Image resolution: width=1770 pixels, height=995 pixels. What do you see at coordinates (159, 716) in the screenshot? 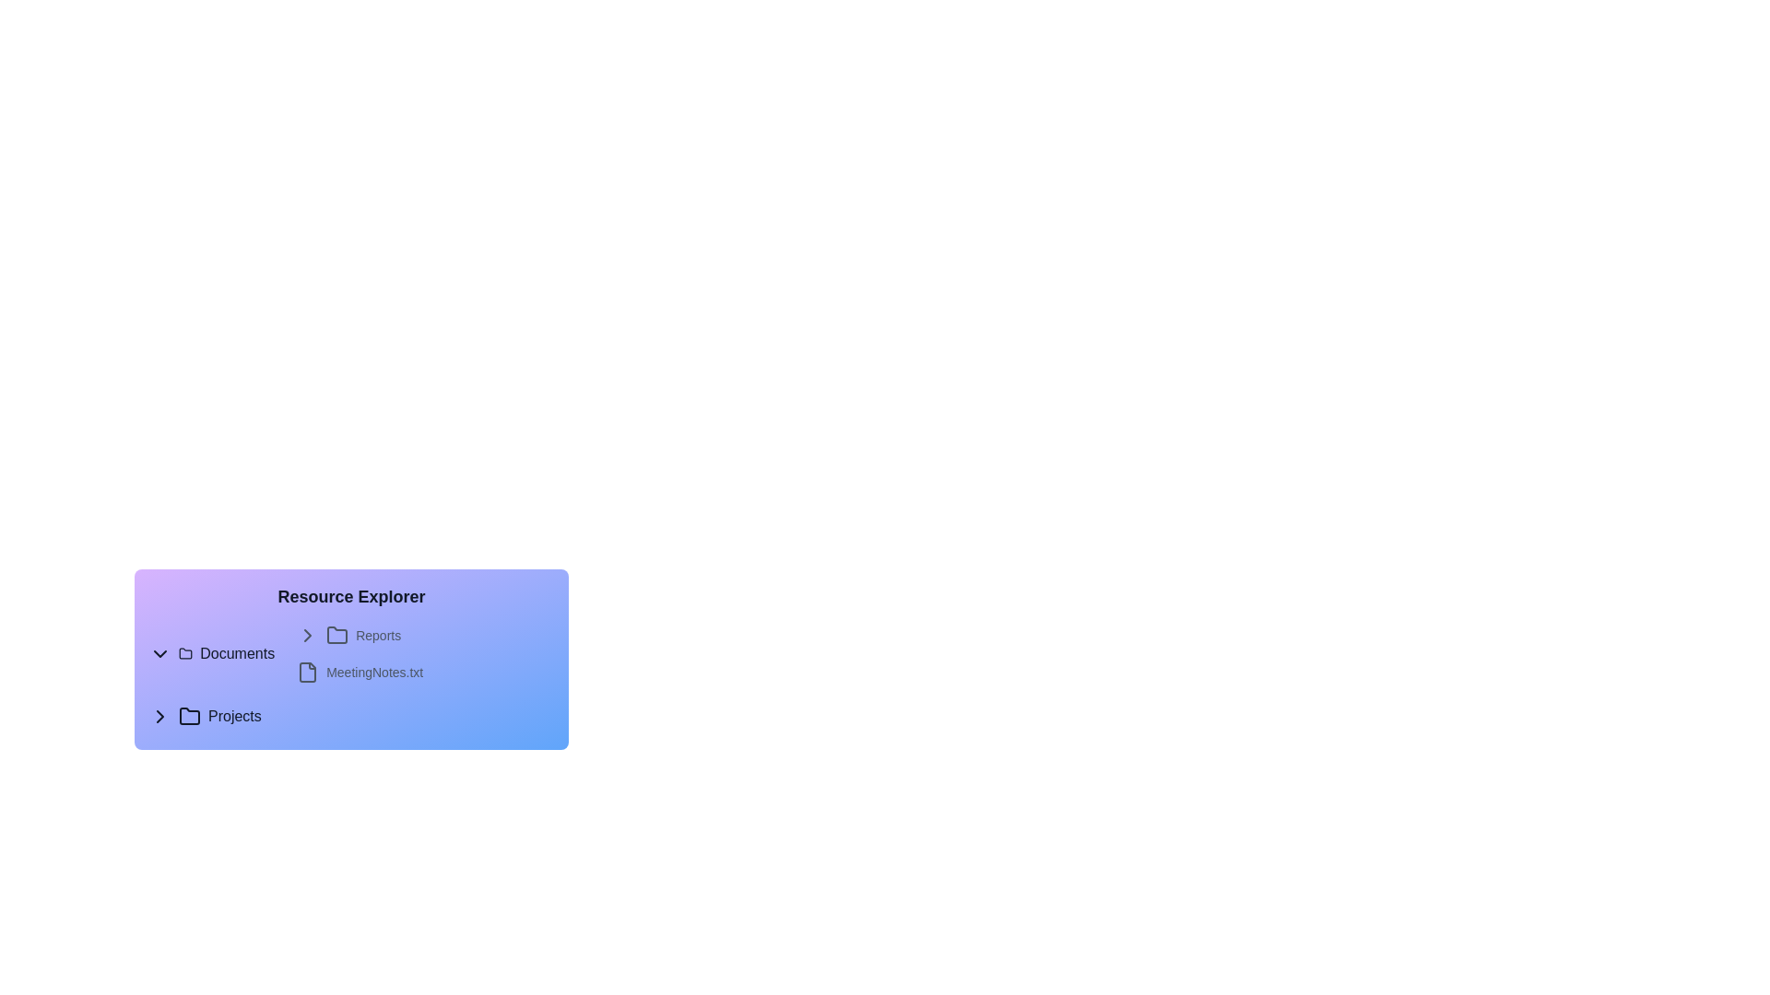
I see `the Chevron indicator located near the 'Reports' label in the blue gradient sidebar` at bounding box center [159, 716].